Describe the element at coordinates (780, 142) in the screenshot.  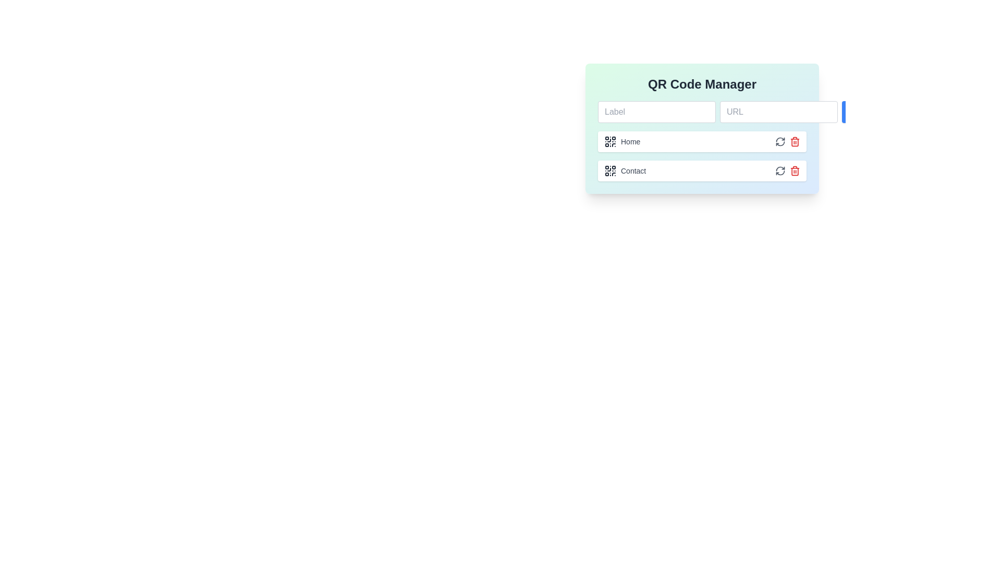
I see `the refresh icon button, which is styled in gray and changes to a darker color on hover. It is the first icon in the row of controls within the 'Home' entry of the QR Code Manager interface` at that location.